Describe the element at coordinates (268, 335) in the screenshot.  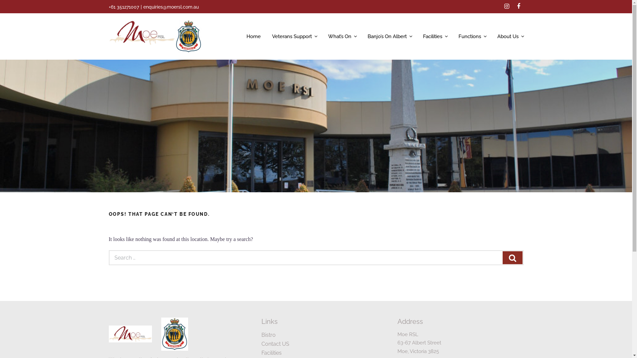
I see `'Bistro'` at that location.